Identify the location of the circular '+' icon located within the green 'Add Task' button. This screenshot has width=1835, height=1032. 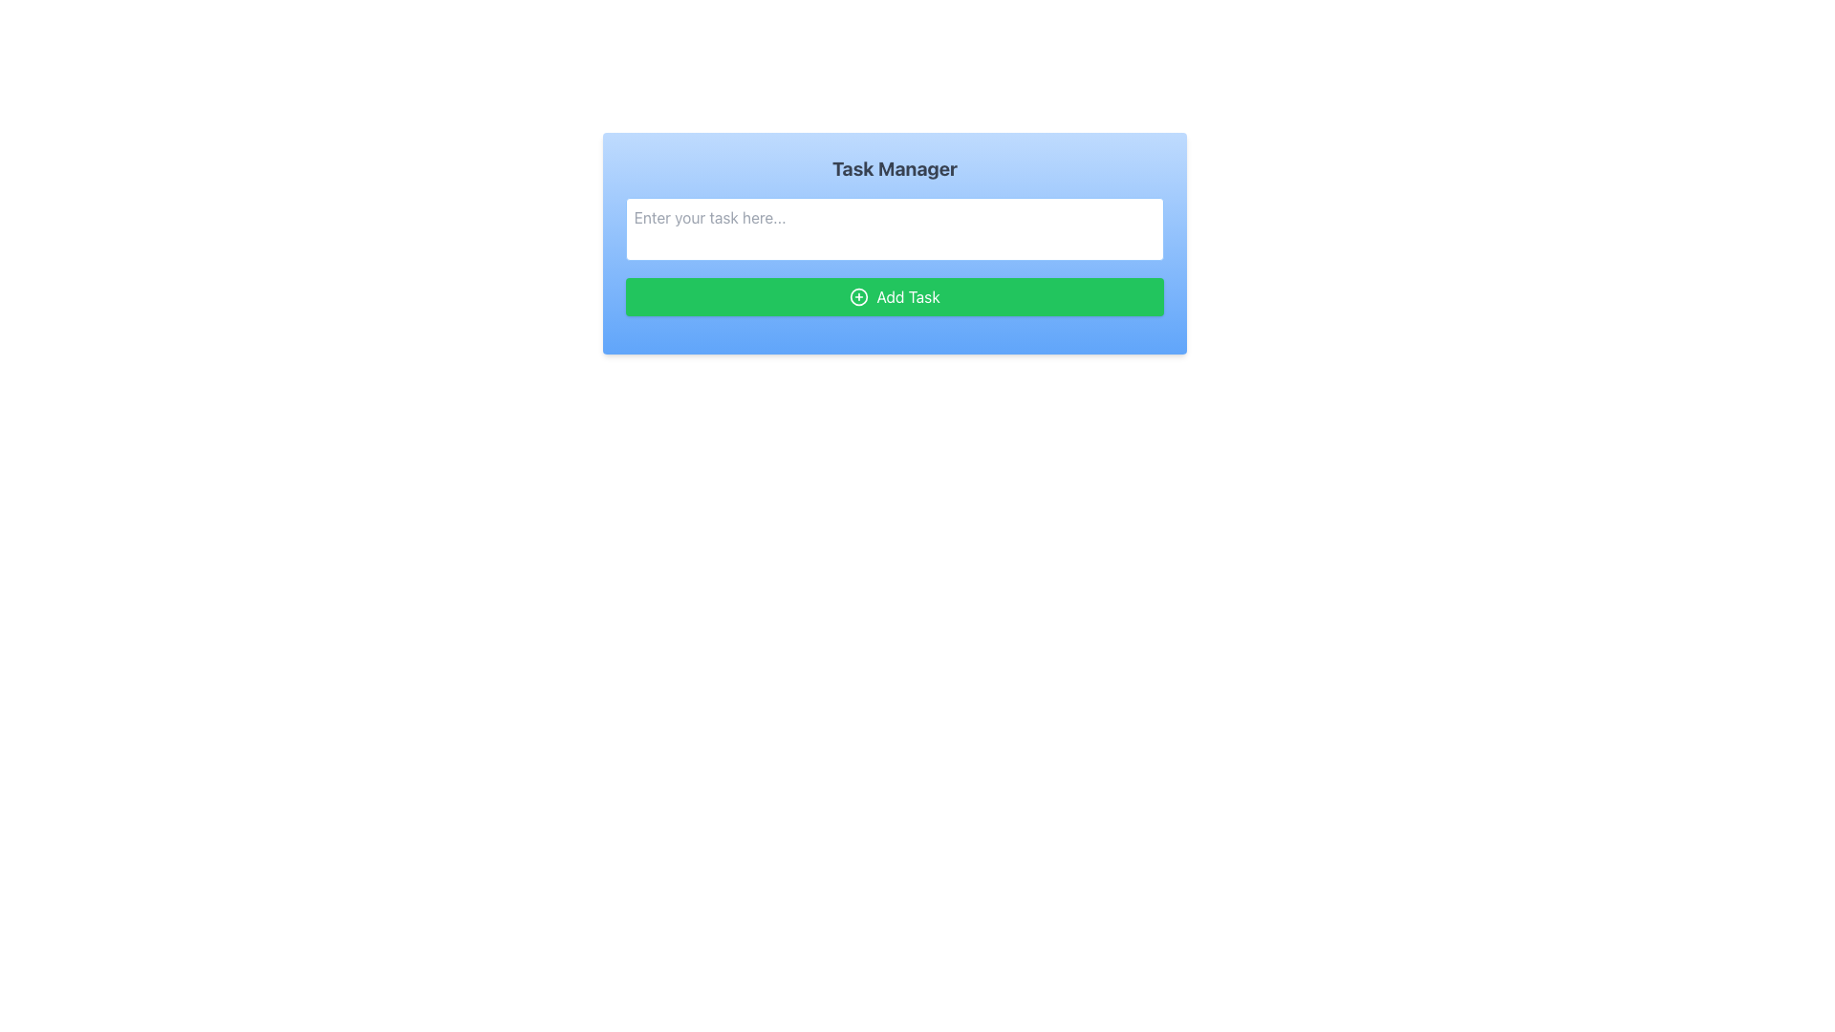
(858, 297).